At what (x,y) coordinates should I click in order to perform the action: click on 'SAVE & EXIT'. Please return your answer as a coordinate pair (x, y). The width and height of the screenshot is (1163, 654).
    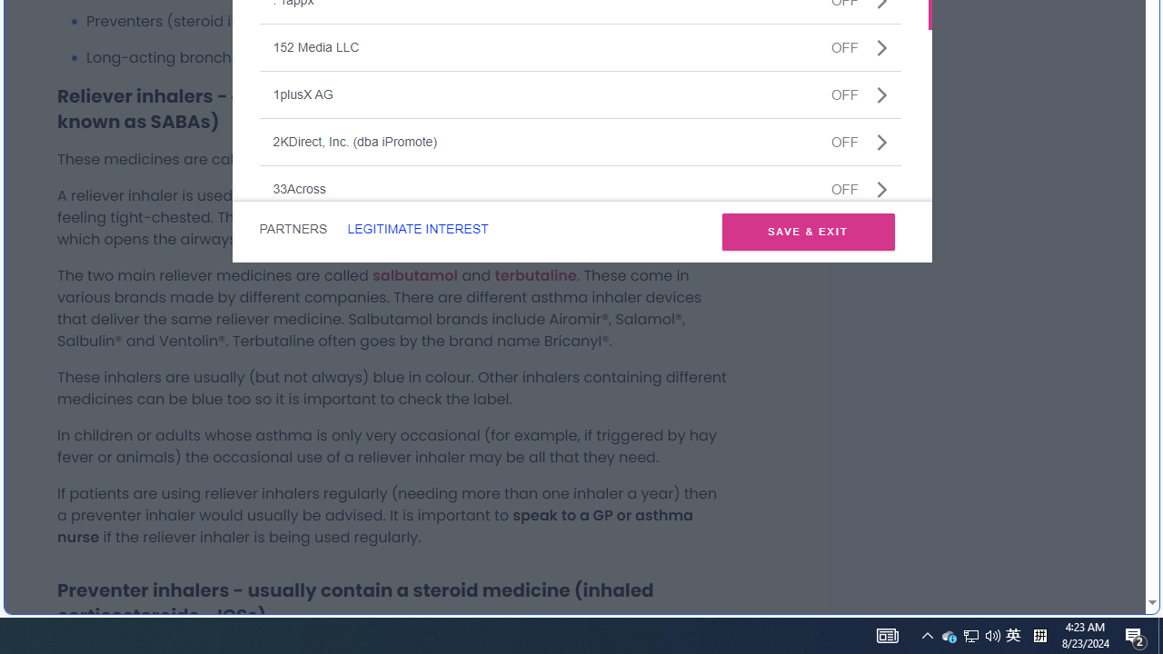
    Looking at the image, I should click on (807, 231).